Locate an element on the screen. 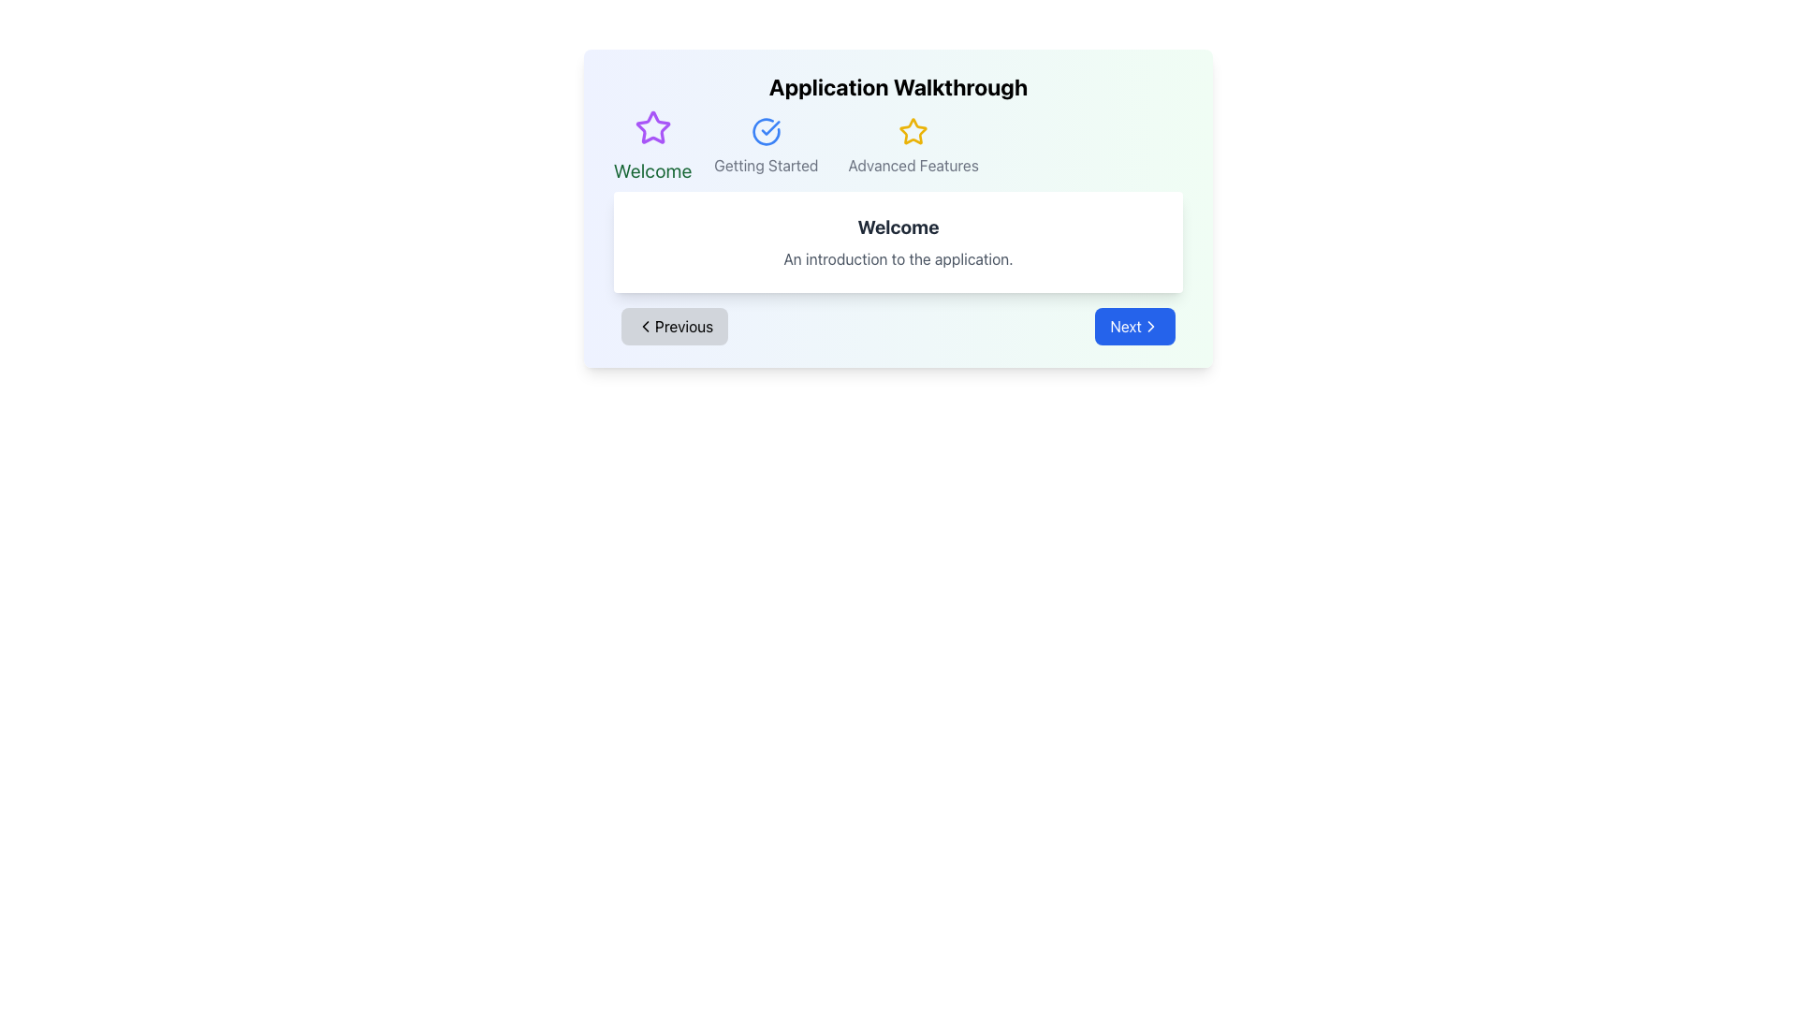  the completion state represented by the blue circular icon with a checkmark symbol, which is the leftmost icon under the 'Application Walkthrough' header is located at coordinates (766, 131).